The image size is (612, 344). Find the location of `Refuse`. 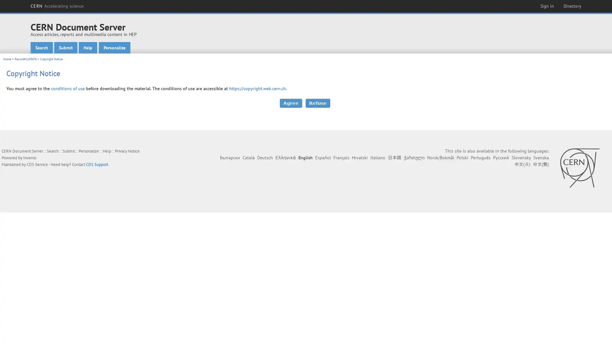

Refuse is located at coordinates (317, 103).